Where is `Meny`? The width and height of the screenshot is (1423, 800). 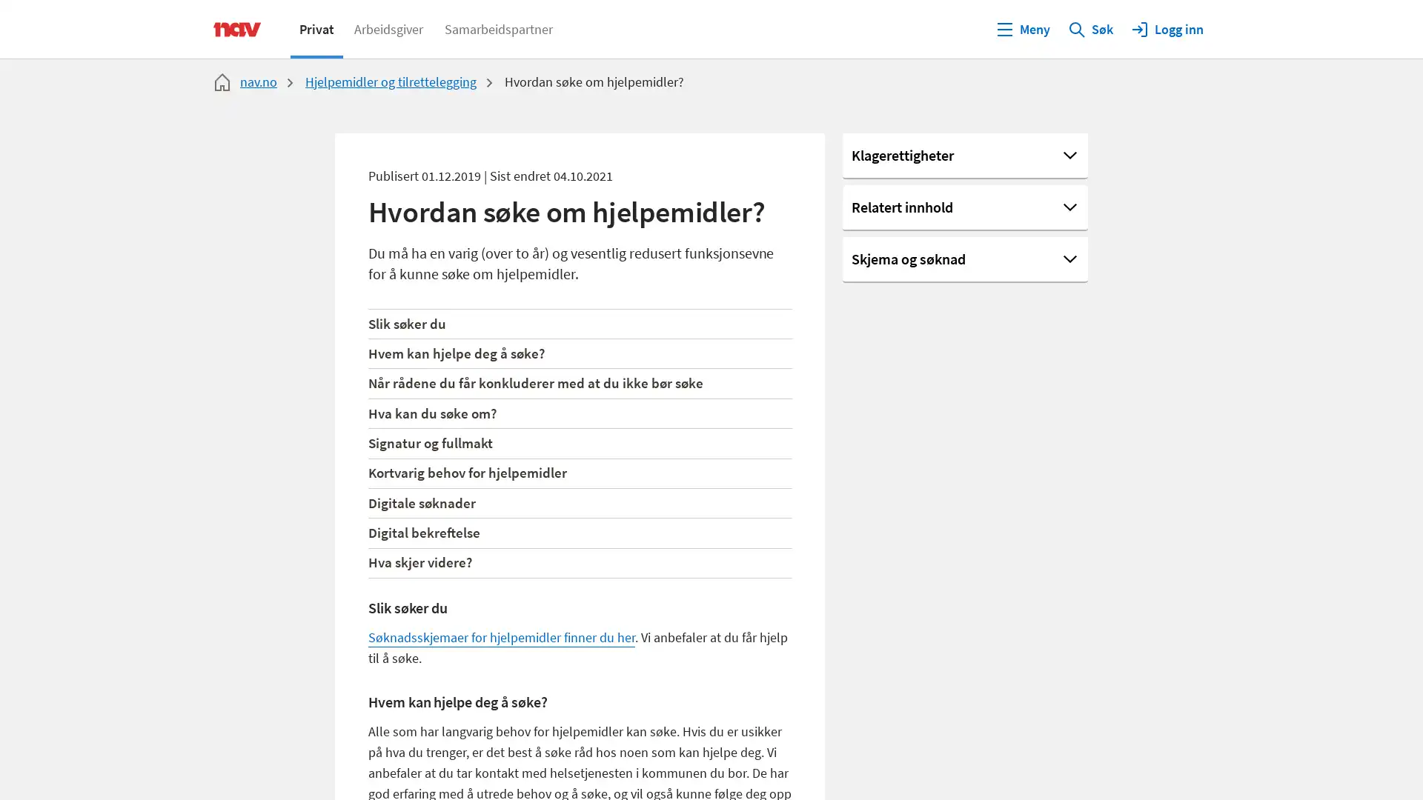
Meny is located at coordinates (1022, 28).